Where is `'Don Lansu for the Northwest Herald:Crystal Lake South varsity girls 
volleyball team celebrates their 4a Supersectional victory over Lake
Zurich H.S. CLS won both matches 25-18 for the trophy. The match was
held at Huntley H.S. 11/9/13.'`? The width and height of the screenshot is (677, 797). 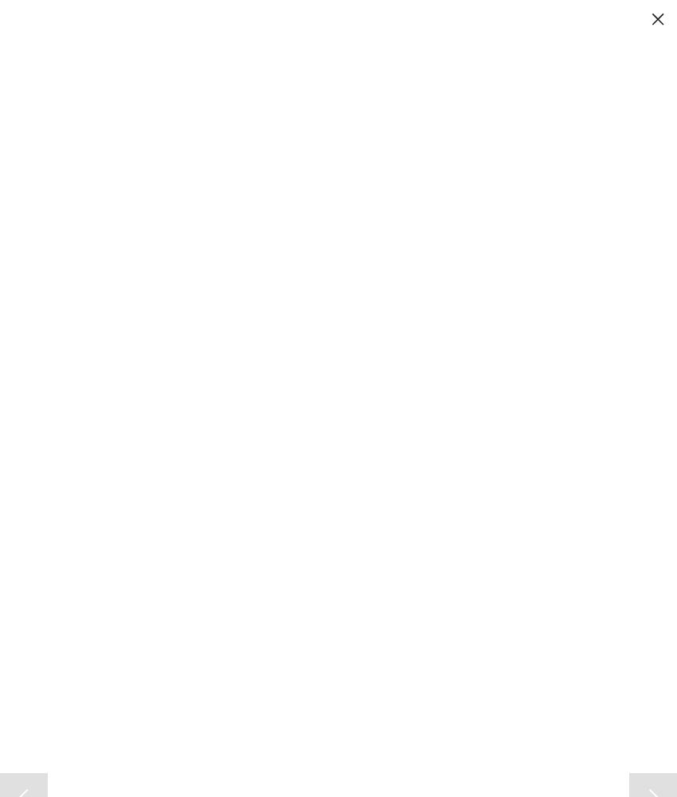
'Don Lansu for the Northwest Herald:Crystal Lake South varsity girls 
volleyball team celebrates their 4a Supersectional victory over Lake
Zurich H.S. CLS won both matches 25-18 for the trophy. The match was
held at Huntley H.S. 11/9/13.' is located at coordinates (158, 739).